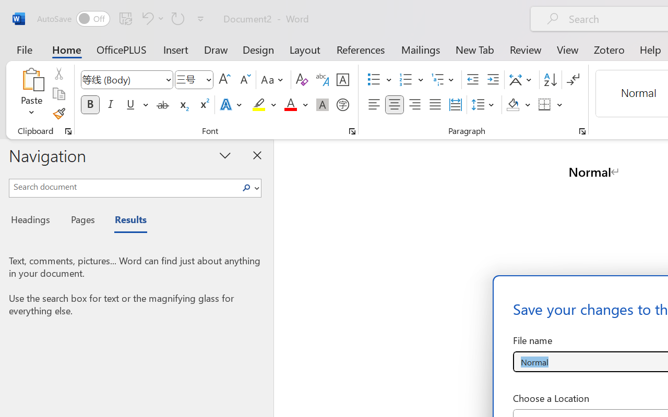  What do you see at coordinates (374, 80) in the screenshot?
I see `'Bullets'` at bounding box center [374, 80].